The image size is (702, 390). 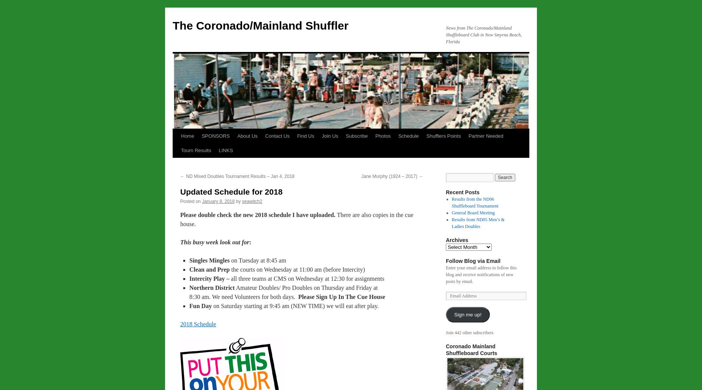 What do you see at coordinates (190, 201) in the screenshot?
I see `'Posted on'` at bounding box center [190, 201].